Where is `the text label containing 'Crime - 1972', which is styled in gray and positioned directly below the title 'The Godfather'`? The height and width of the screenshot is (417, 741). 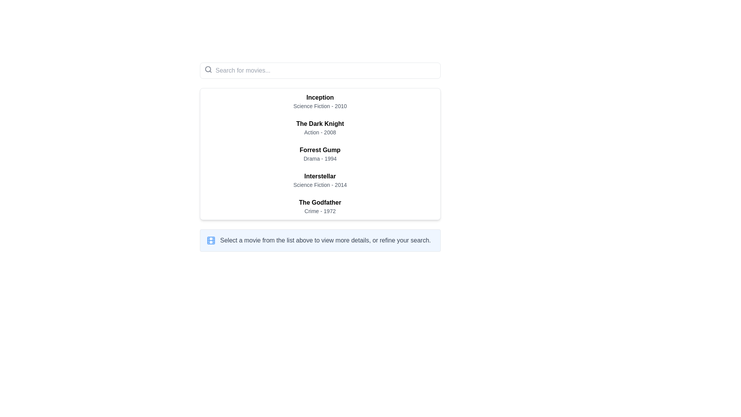 the text label containing 'Crime - 1972', which is styled in gray and positioned directly below the title 'The Godfather' is located at coordinates (320, 211).